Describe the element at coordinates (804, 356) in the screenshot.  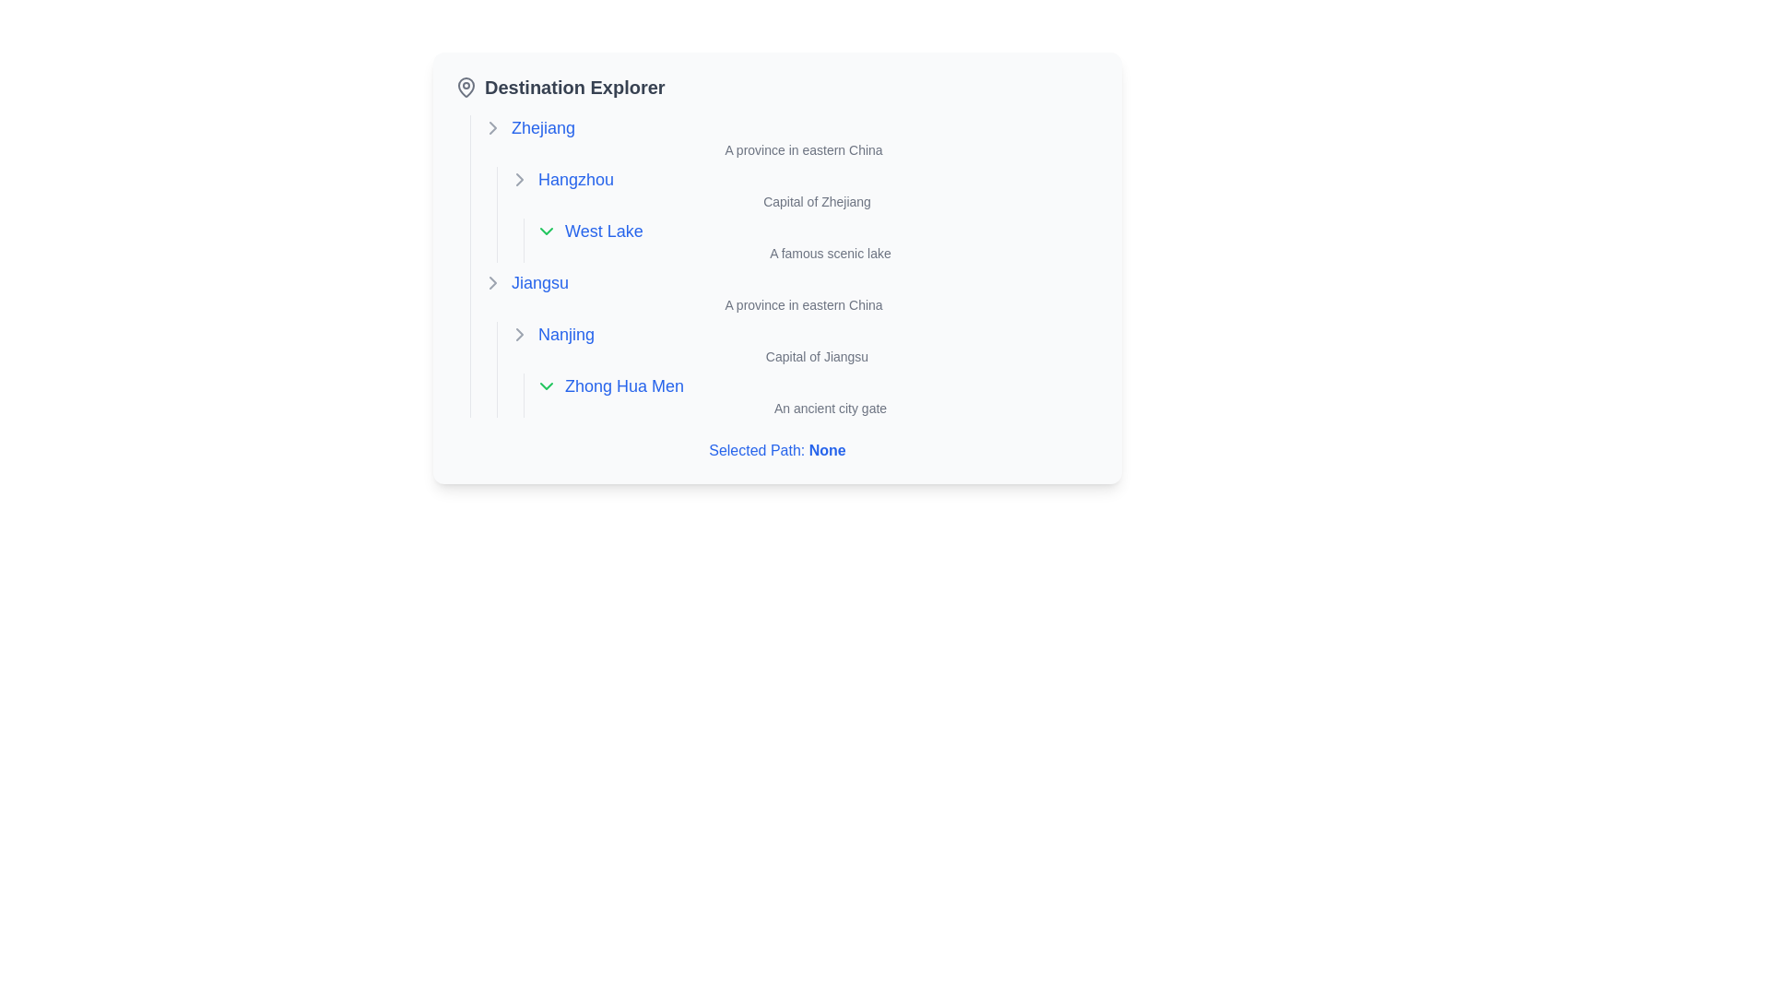
I see `the static text label providing information about 'Nanjing', which indicates it is the capital of Jiangsu province, located under the text 'Nanjing' in the 'Destination Explorer' menu` at that location.